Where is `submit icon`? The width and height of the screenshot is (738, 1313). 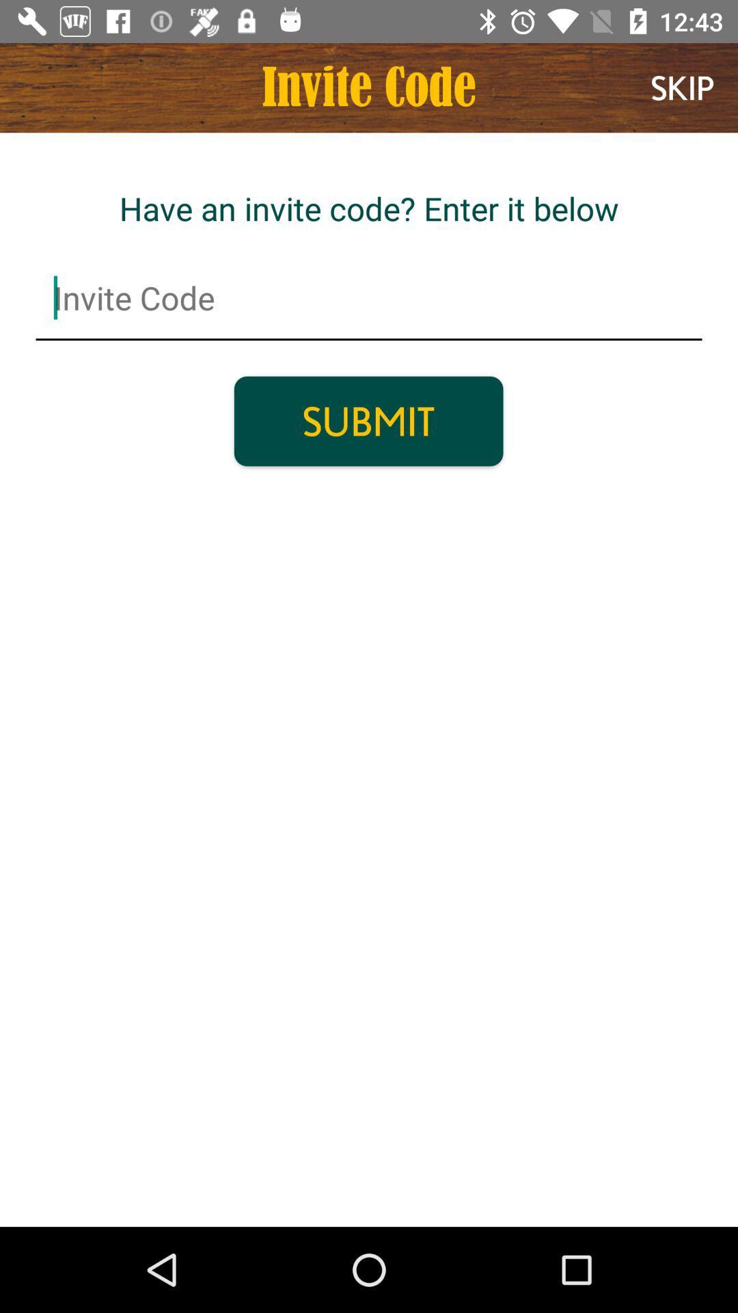
submit icon is located at coordinates (368, 421).